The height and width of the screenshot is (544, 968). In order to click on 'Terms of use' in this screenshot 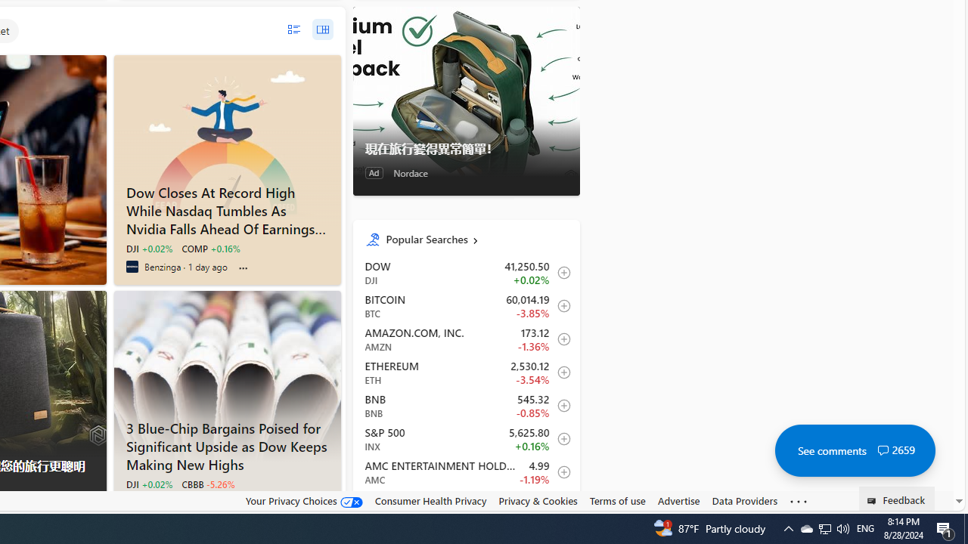, I will do `click(617, 500)`.